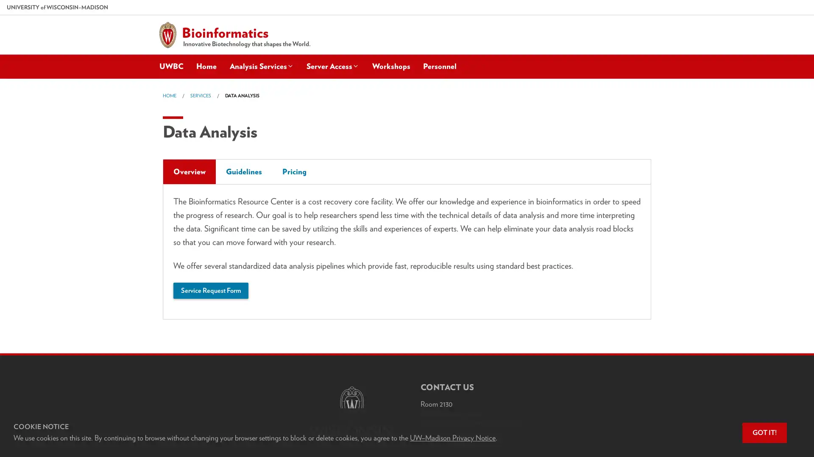  I want to click on Accept cookie notice, so click(764, 432).